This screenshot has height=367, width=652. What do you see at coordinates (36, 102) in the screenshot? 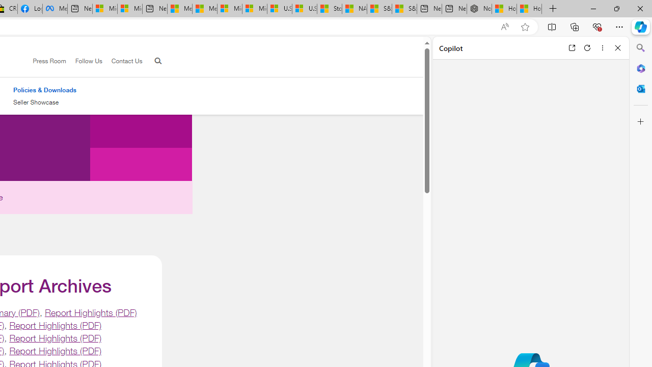
I see `'Seller Showcase'` at bounding box center [36, 102].